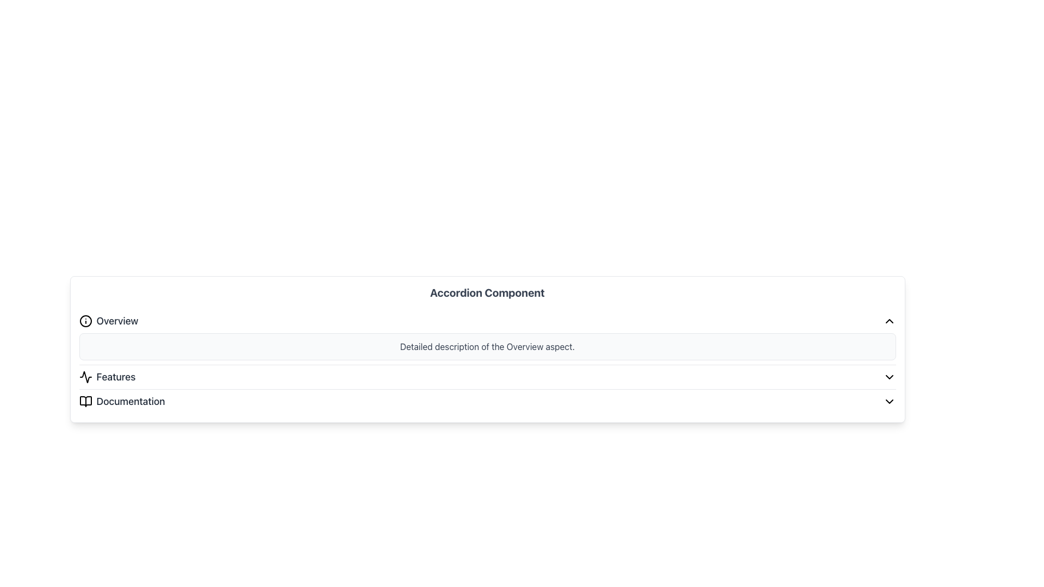 The image size is (1044, 587). Describe the element at coordinates (487, 402) in the screenshot. I see `the 'Documentation' dropdown toggle, which is the third item` at that location.